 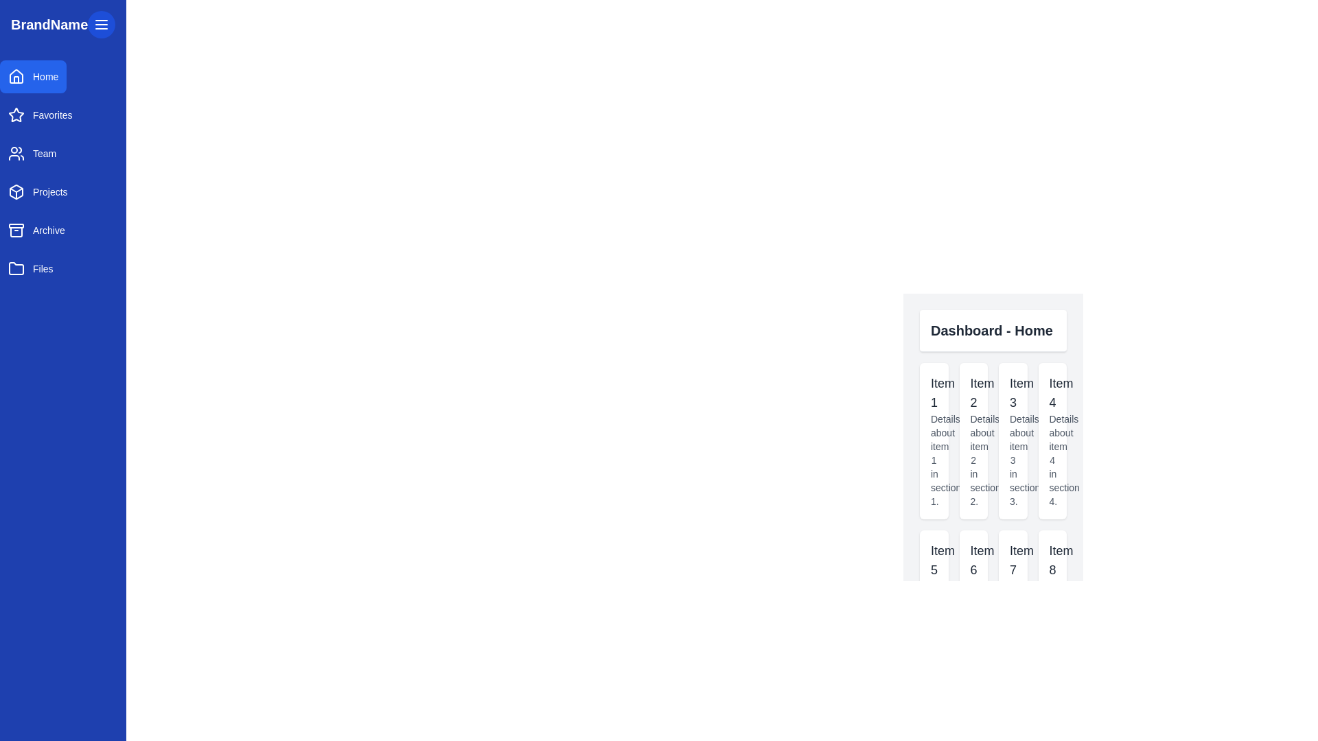 I want to click on the 'Home' icon in the navigation sidebar, so click(x=16, y=76).